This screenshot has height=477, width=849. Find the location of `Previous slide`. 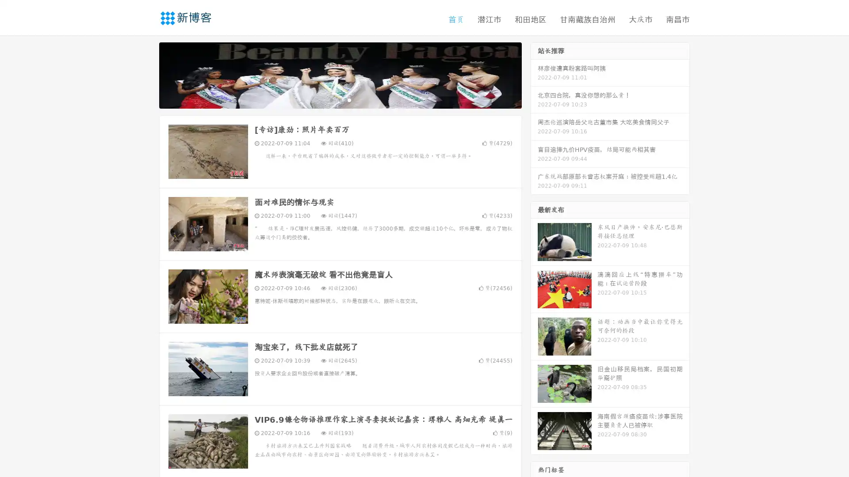

Previous slide is located at coordinates (146, 74).